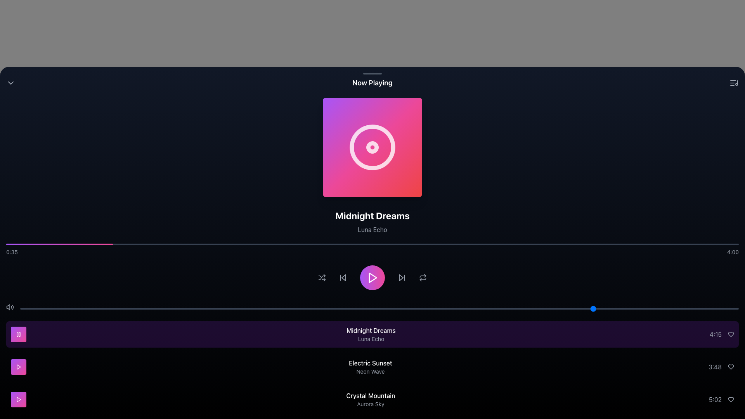 This screenshot has height=419, width=745. Describe the element at coordinates (730, 334) in the screenshot. I see `the heart-shaped favorite button, which is gray and located to the right of the timestamp (4:15) for the song 'Midnight Dreams' by 'Luna Echo'` at that location.